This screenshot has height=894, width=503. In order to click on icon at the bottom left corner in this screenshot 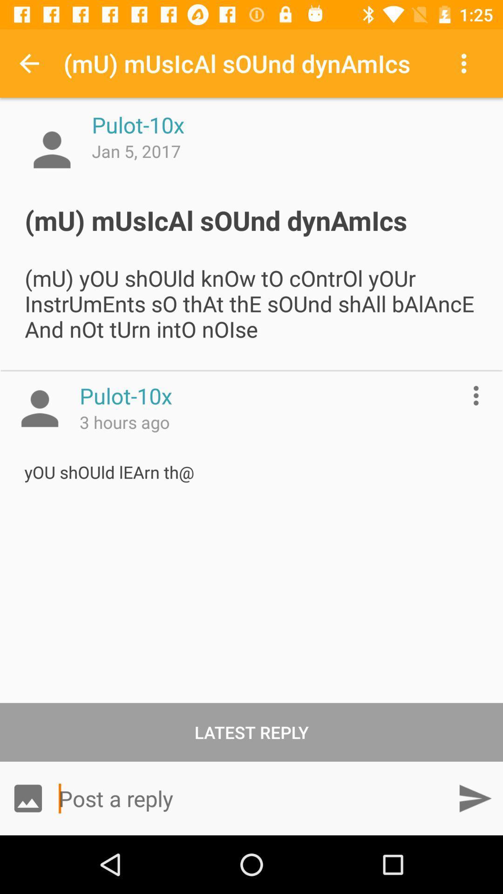, I will do `click(27, 798)`.